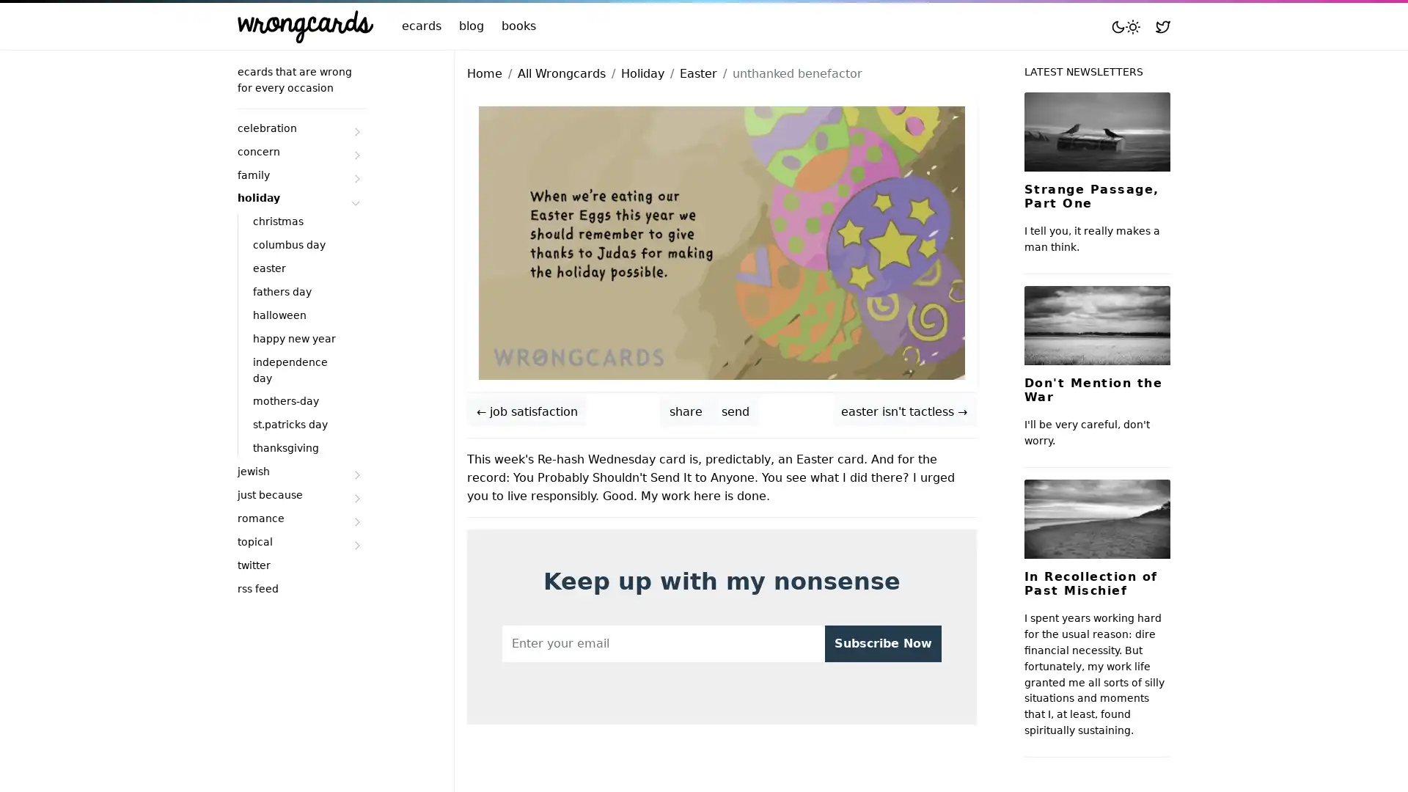  I want to click on Submenu, so click(355, 520).